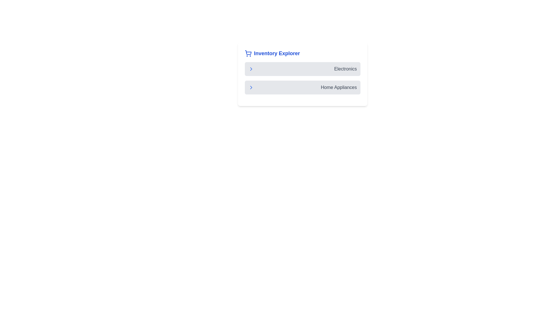 This screenshot has height=312, width=555. I want to click on the 'Electronics' menu item, so click(302, 74).